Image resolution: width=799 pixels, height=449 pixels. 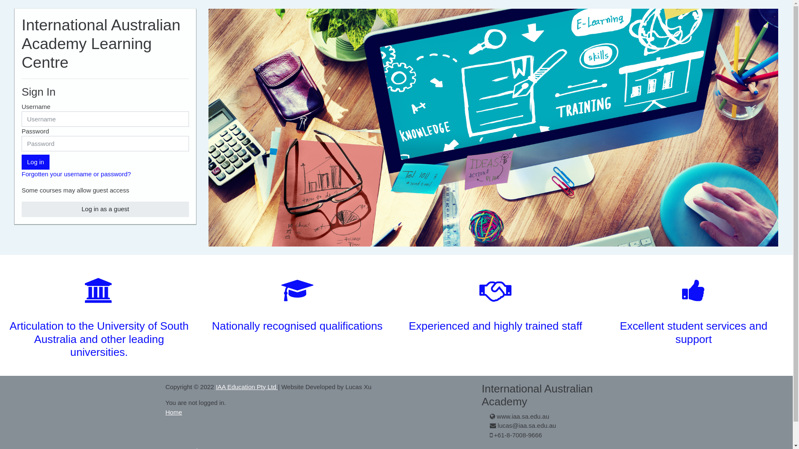 What do you see at coordinates (76, 173) in the screenshot?
I see `'Forgotten your username or password?'` at bounding box center [76, 173].